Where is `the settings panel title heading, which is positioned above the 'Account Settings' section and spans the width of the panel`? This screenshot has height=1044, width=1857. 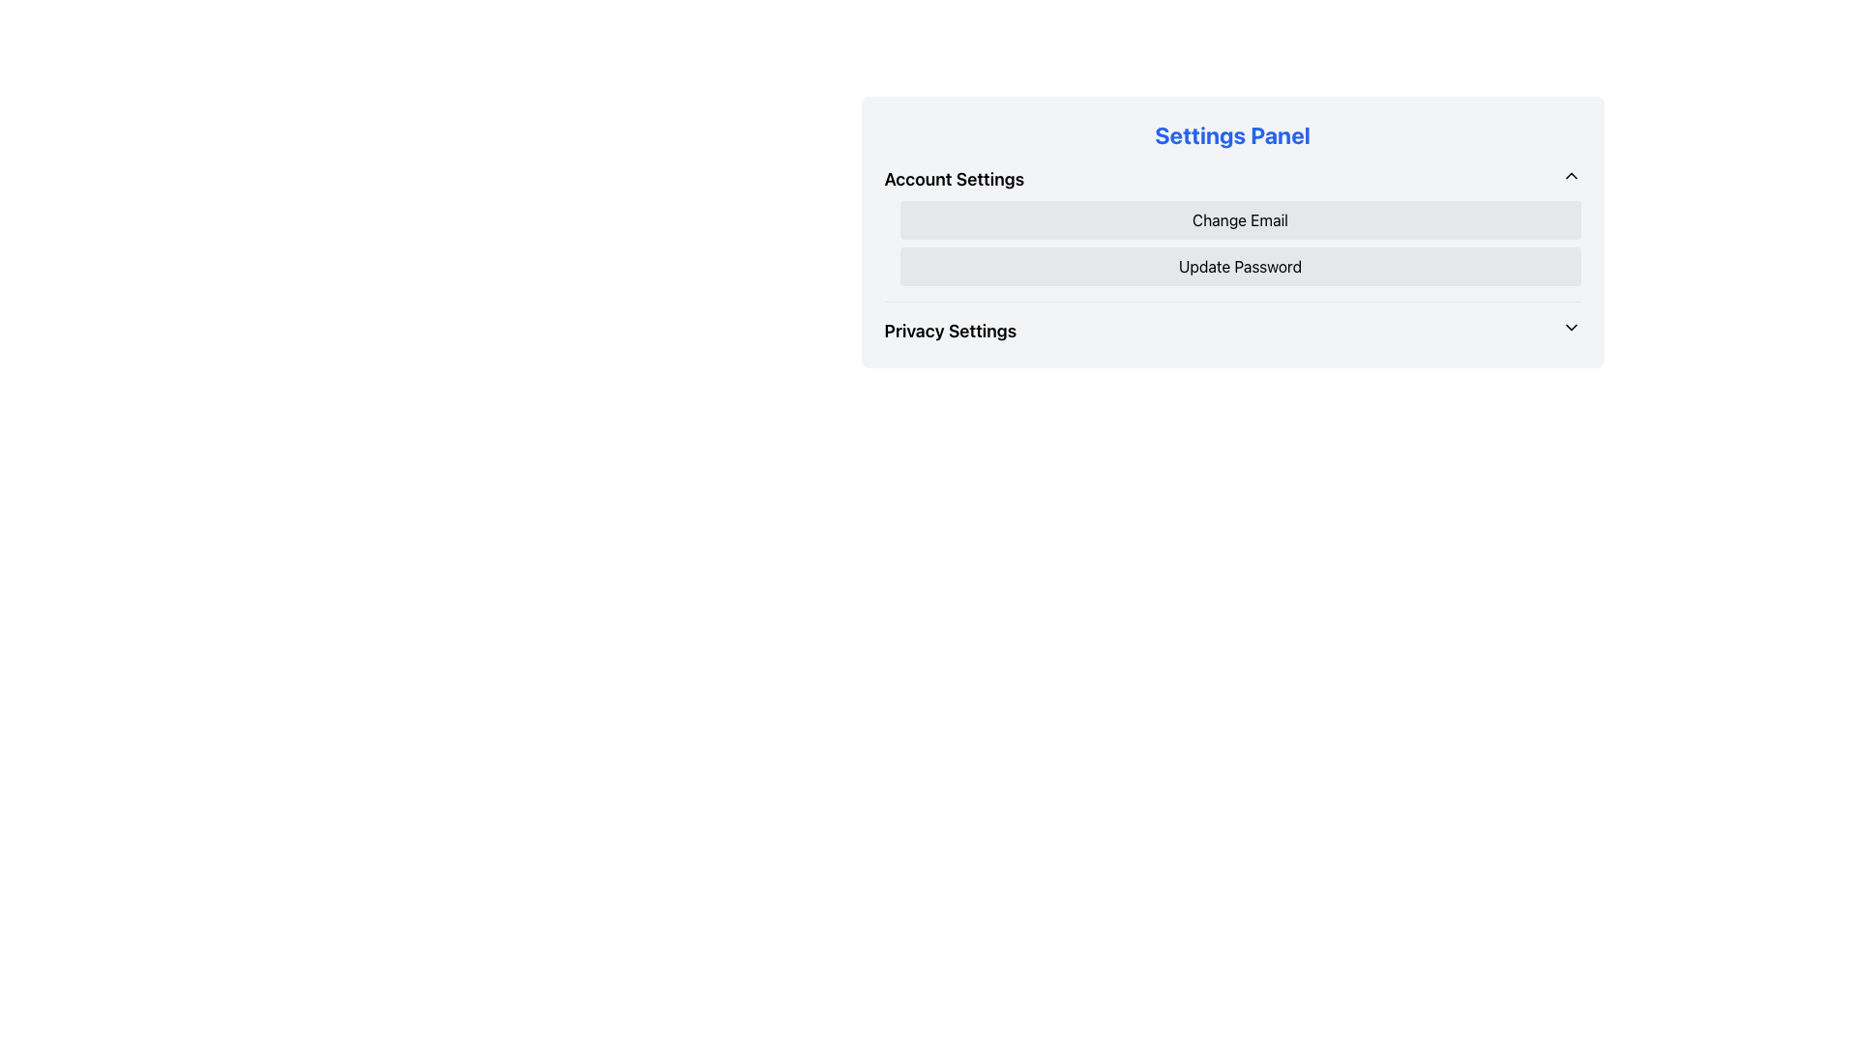
the settings panel title heading, which is positioned above the 'Account Settings' section and spans the width of the panel is located at coordinates (1231, 133).